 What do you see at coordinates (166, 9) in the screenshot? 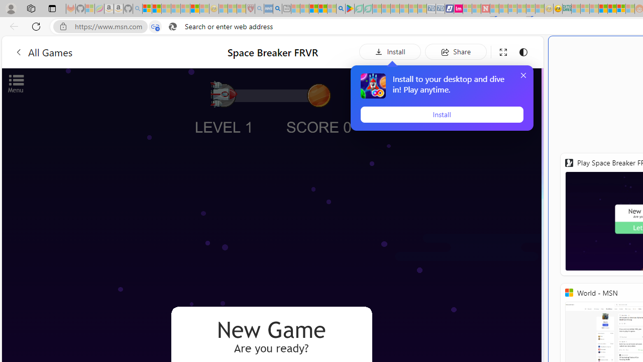
I see `'The Weather Channel - MSN - Sleeping'` at bounding box center [166, 9].